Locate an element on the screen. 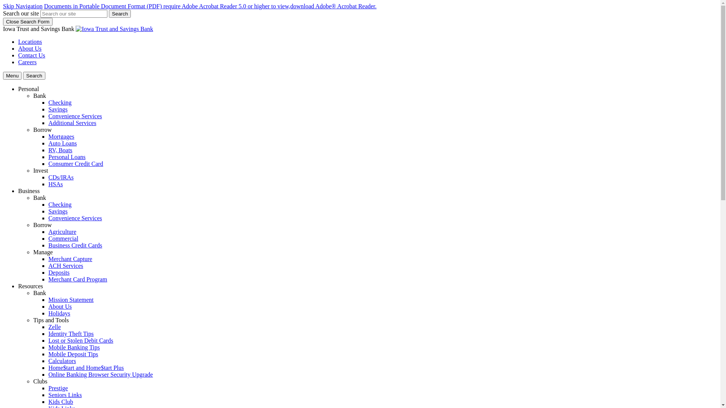 This screenshot has width=726, height=408. 'Careers' is located at coordinates (27, 62).